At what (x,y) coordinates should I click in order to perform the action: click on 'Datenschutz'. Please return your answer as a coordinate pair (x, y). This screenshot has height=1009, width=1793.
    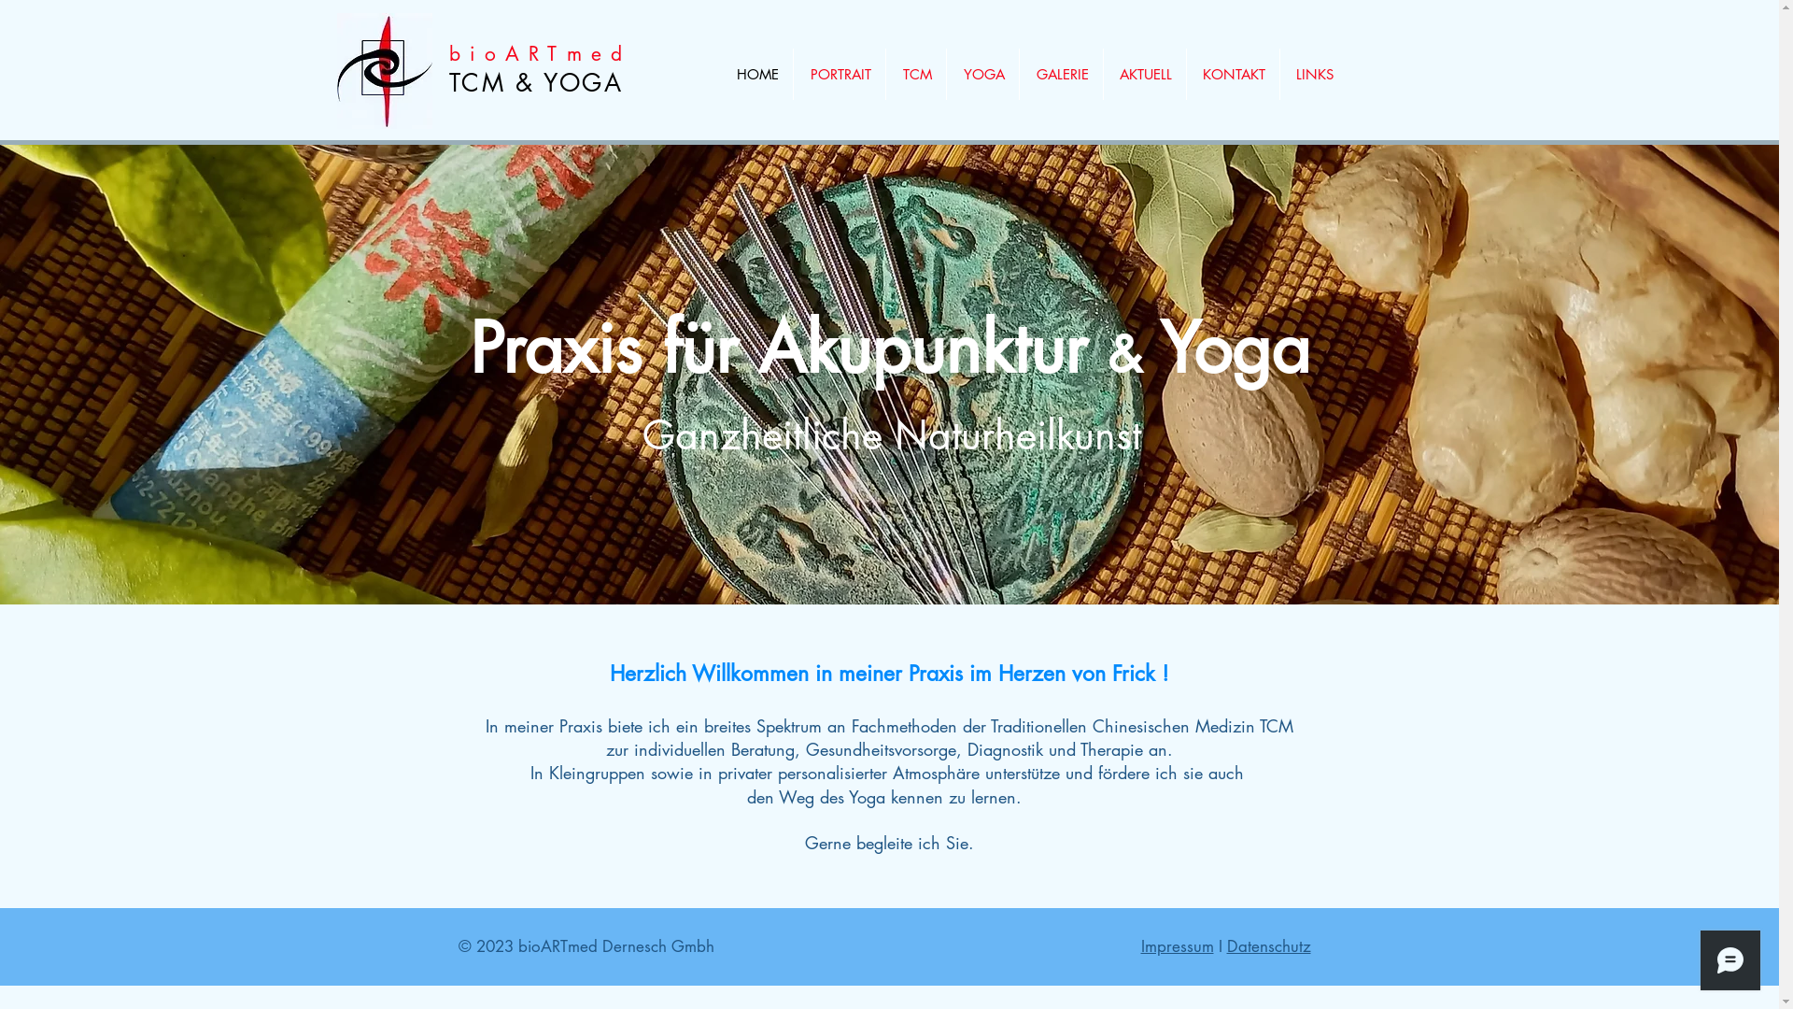
    Looking at the image, I should click on (1268, 946).